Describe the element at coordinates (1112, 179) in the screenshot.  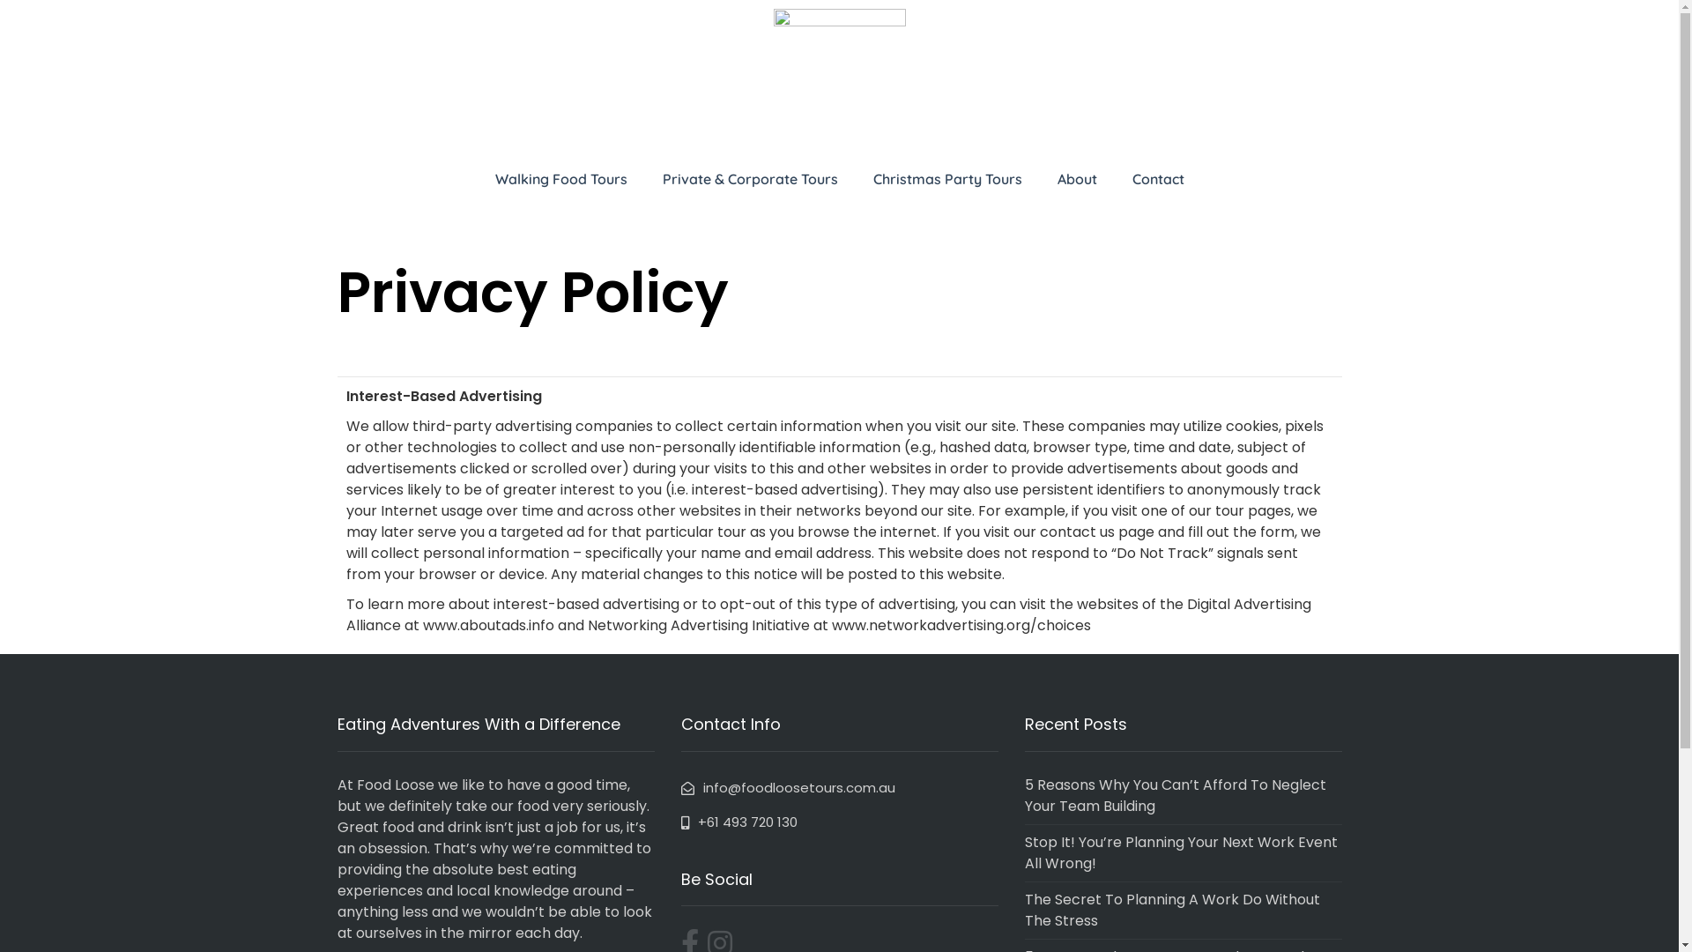
I see `'Contact'` at that location.